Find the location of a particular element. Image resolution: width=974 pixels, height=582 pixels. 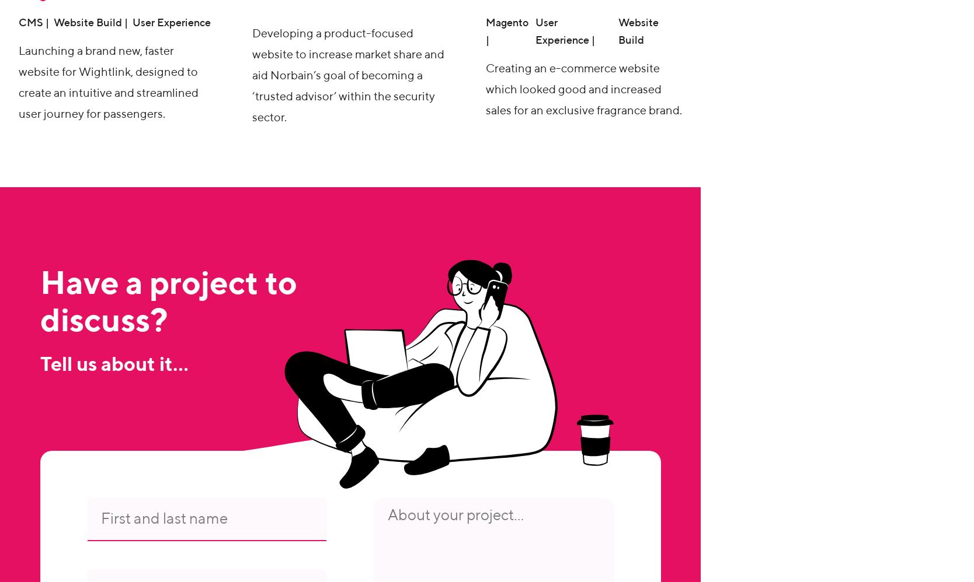

'Tell us about it...' is located at coordinates (113, 366).